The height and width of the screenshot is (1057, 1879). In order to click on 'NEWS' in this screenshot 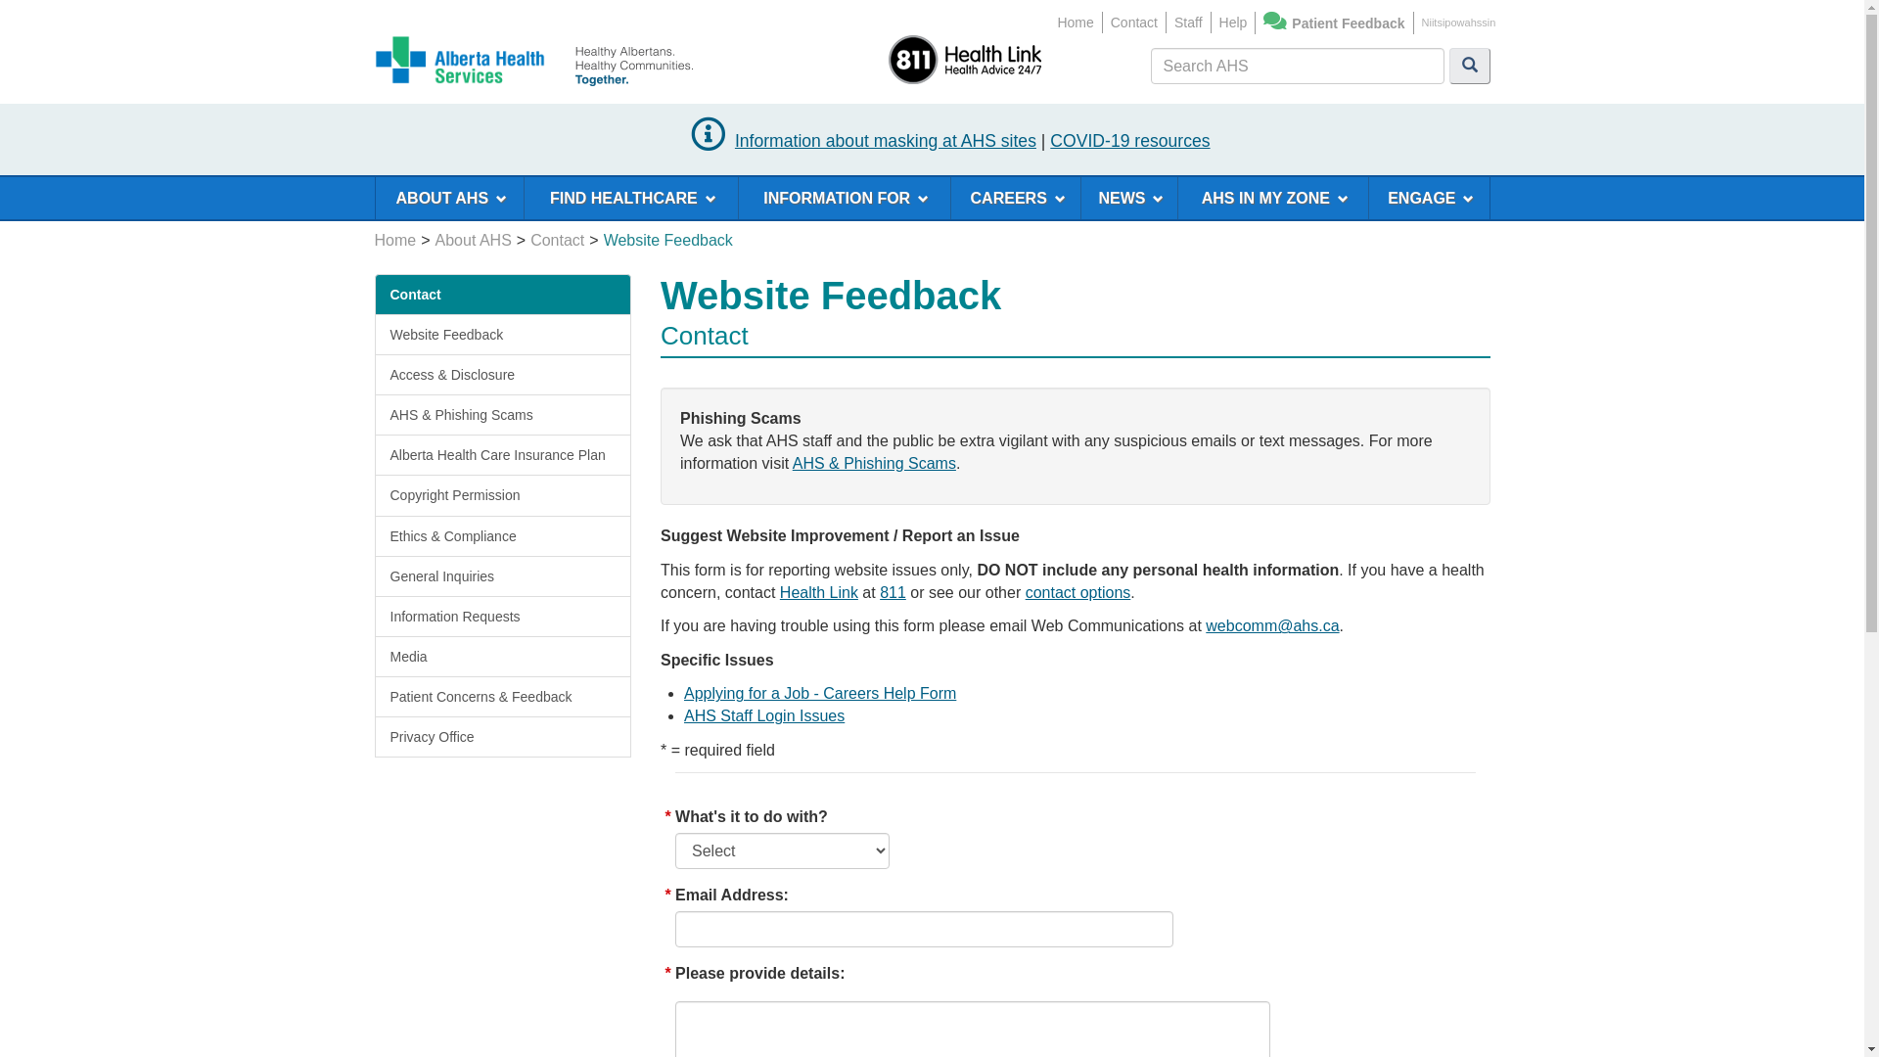, I will do `click(1079, 198)`.